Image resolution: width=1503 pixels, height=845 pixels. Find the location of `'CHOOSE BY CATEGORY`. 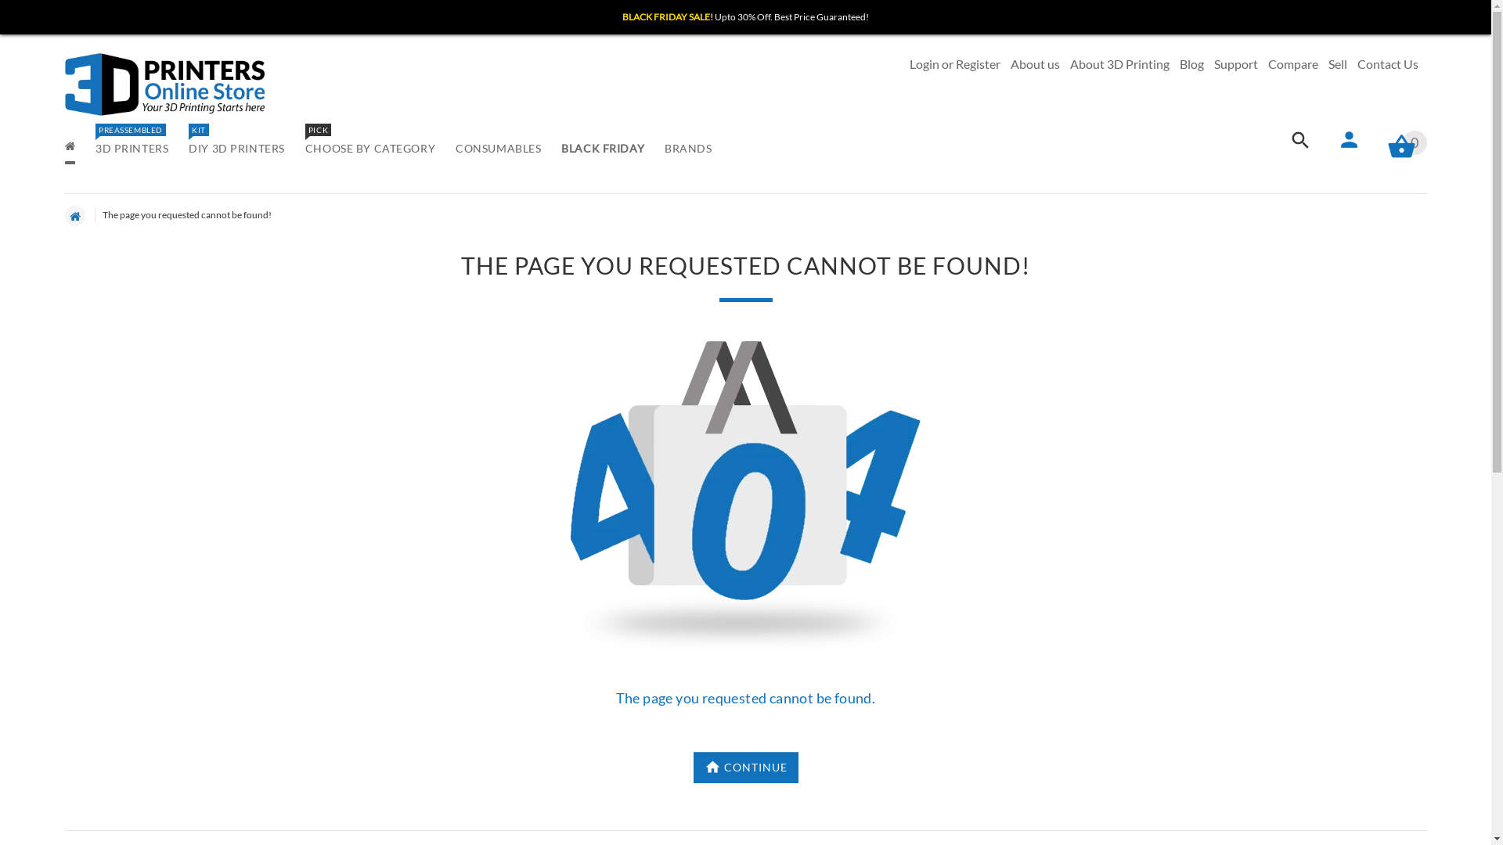

'CHOOSE BY CATEGORY is located at coordinates (369, 149).